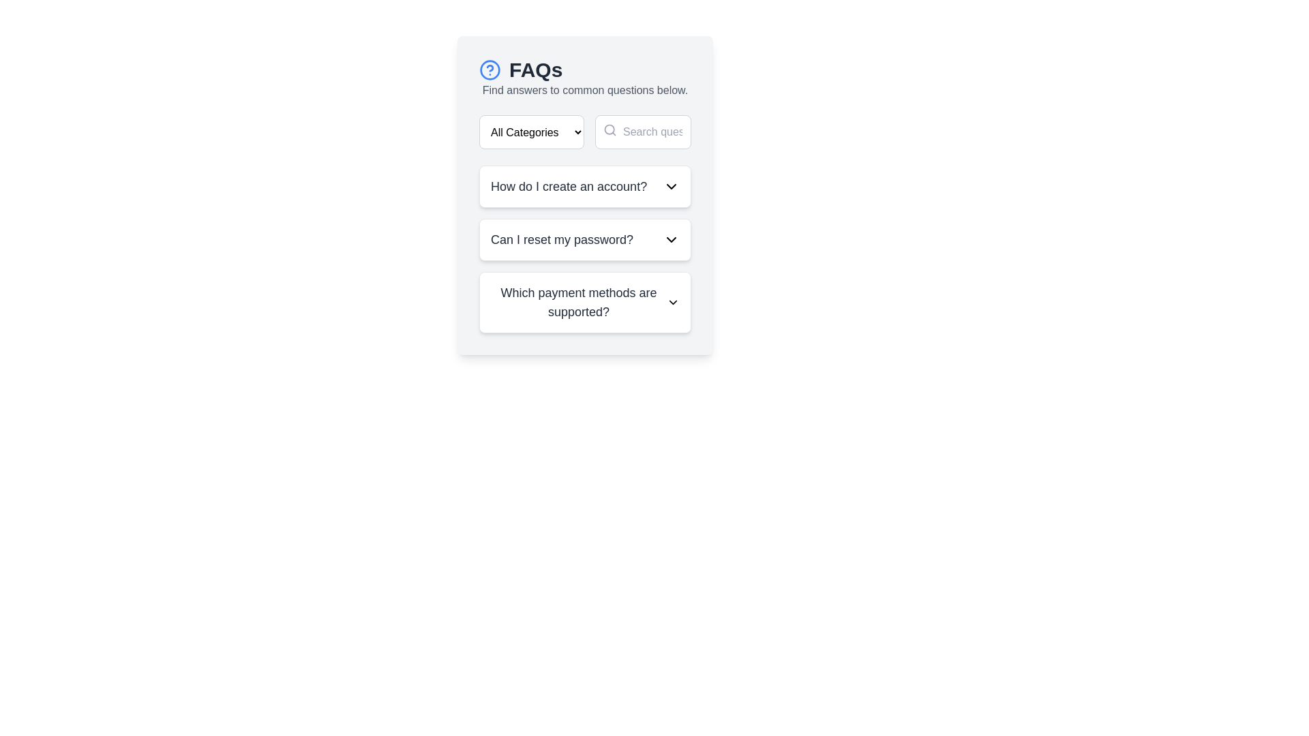  I want to click on the 'All Categories' dropdown menu button, which is a rectangular button with rounded corners and a downward arrow icon, so click(530, 132).